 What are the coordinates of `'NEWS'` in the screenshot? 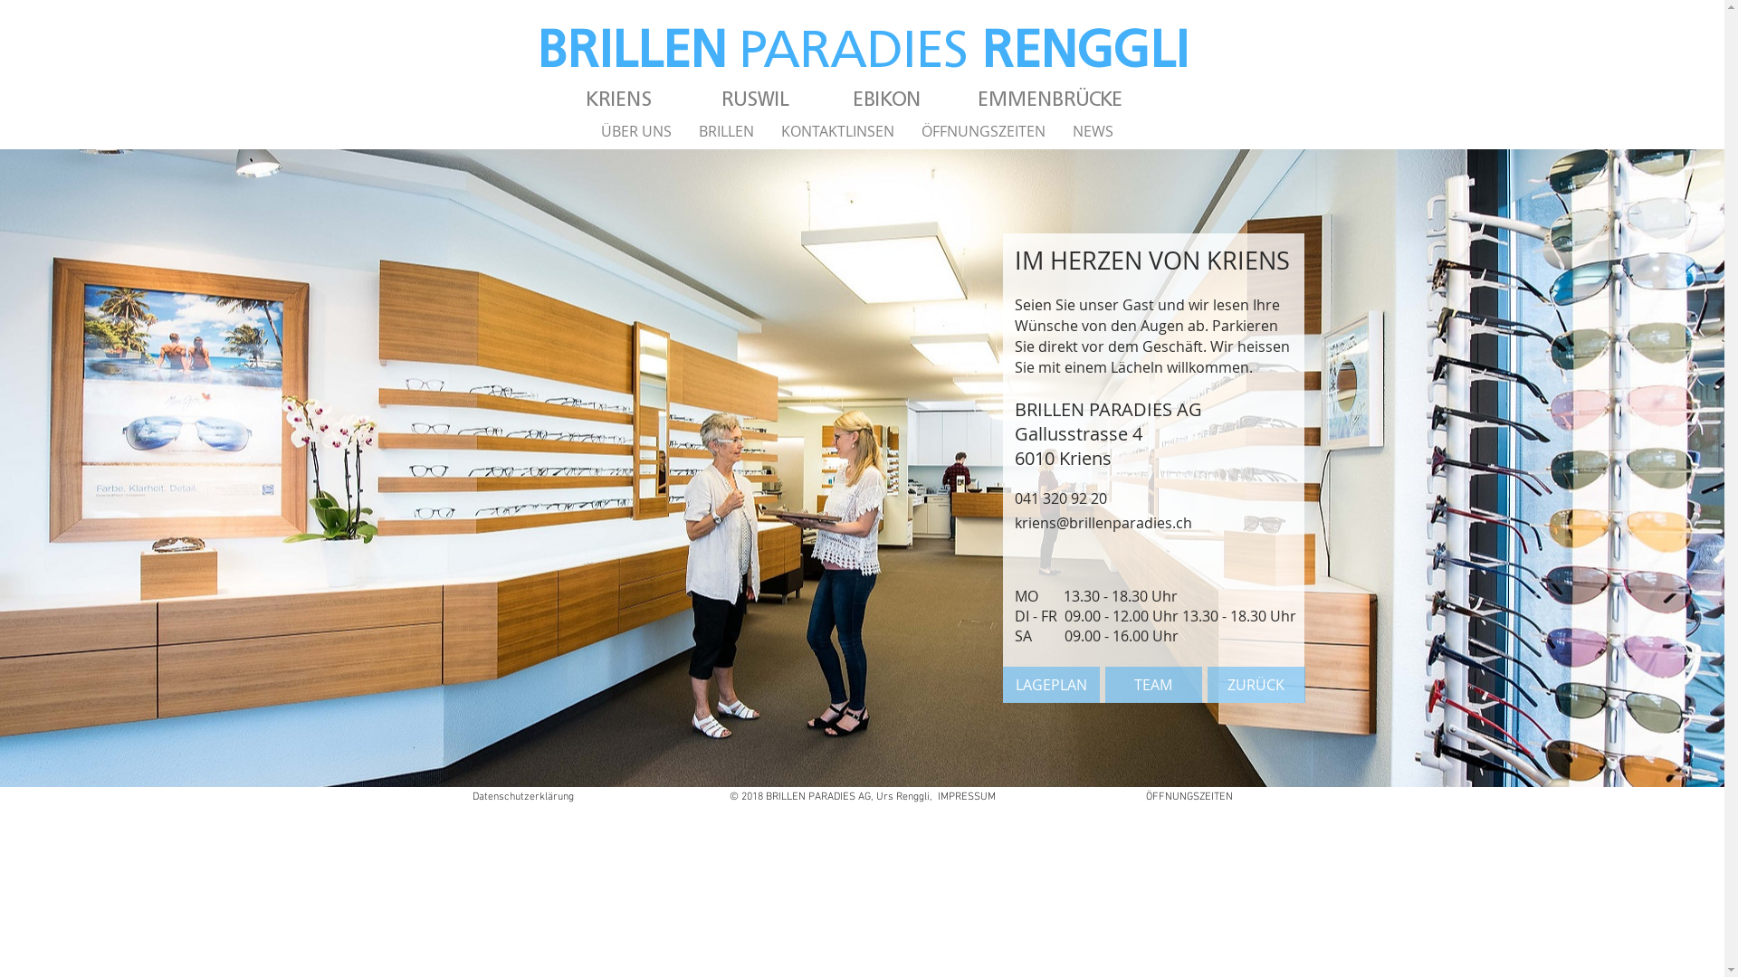 It's located at (1059, 130).